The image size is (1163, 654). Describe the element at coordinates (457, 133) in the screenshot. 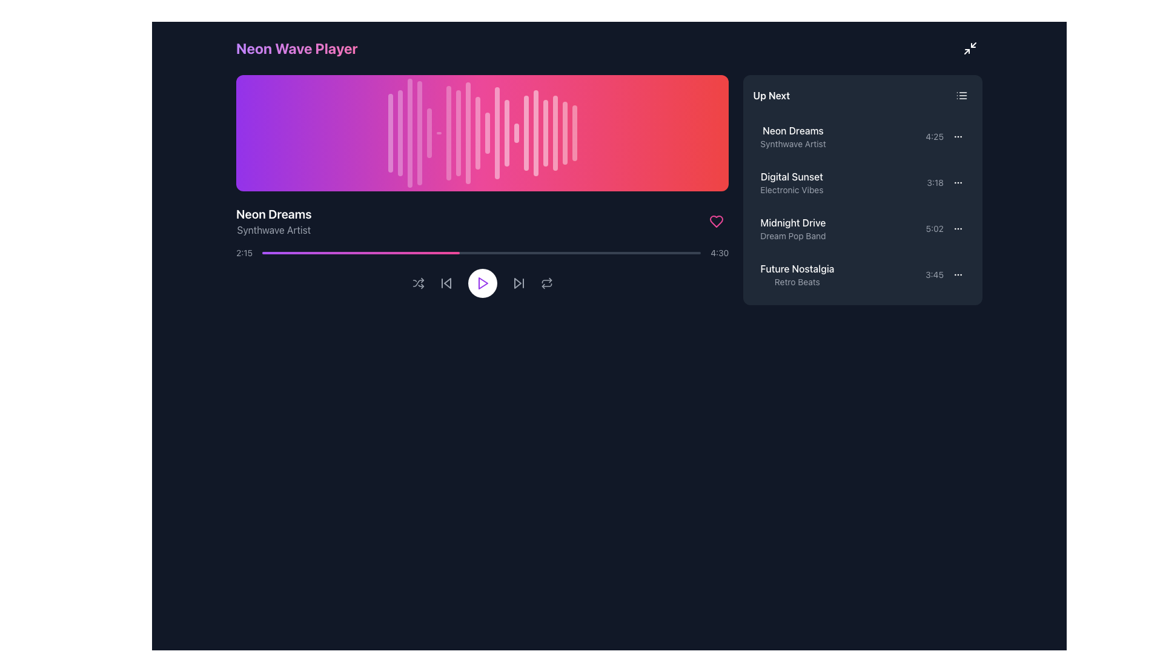

I see `the eighth vertical bar in the audio waveform visualization, which is part of a dynamic audio playback indicator, located within a purple-to-pink gradient background` at that location.